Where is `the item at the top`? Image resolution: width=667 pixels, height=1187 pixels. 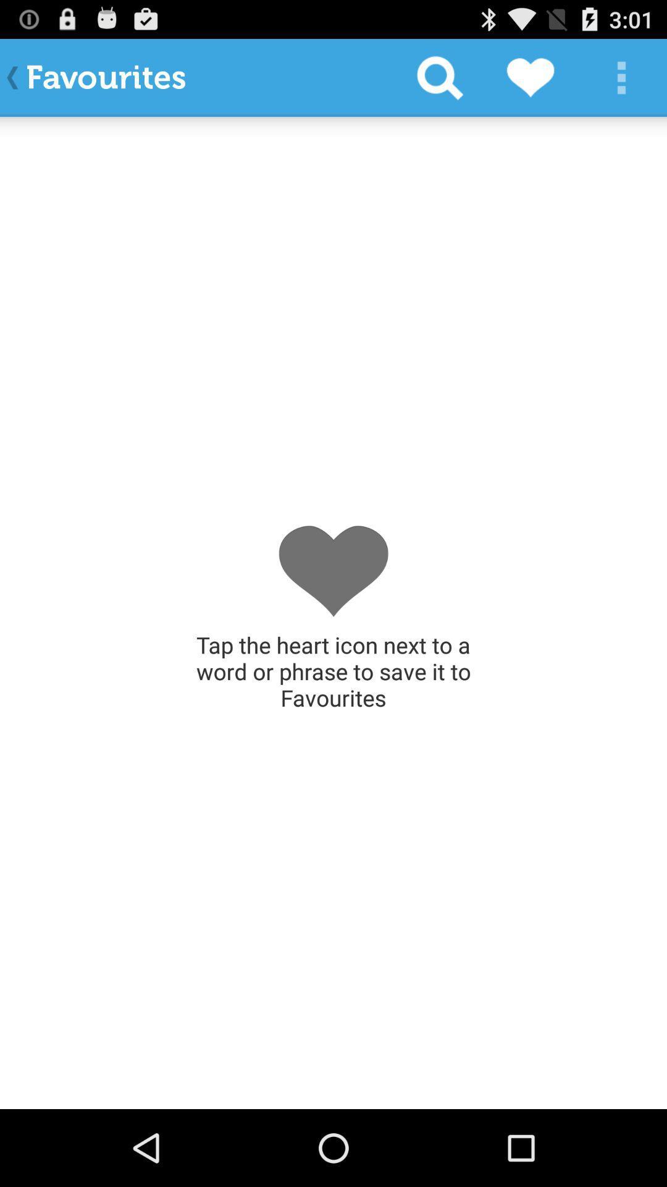 the item at the top is located at coordinates (439, 77).